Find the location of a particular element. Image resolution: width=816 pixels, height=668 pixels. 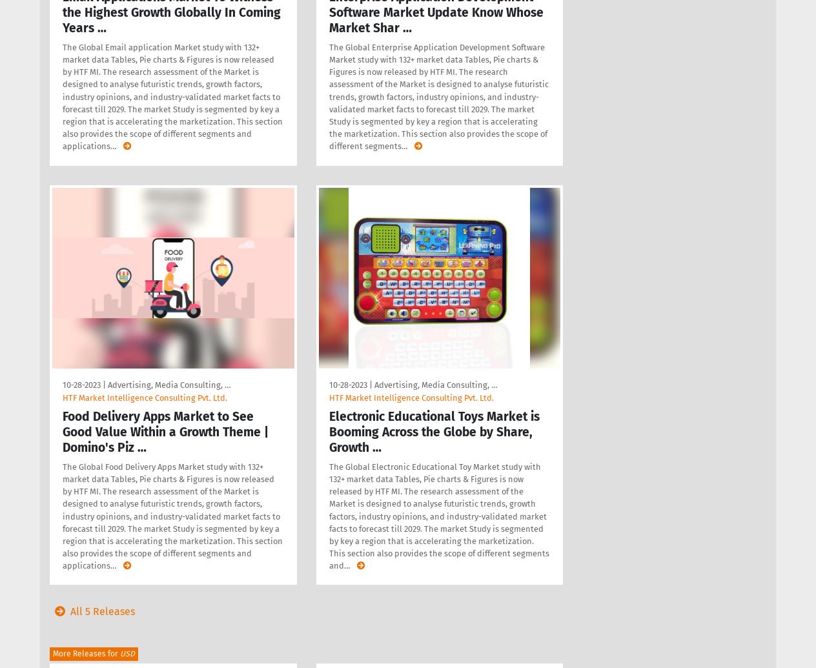

'The Global Food Delivery Apps Market study with 132+ market data Tables, Pie charts & Figures is now released by HTF MI. The research assessment of the Market is designed to analyse futuristic trends, growth factors, industry opinions, and industry-validated market facts to forecast till 2029.
The market Study is segmented by key a region that is accelerating the marketization. This section also provides the scope of different segments and applications' is located at coordinates (172, 515).